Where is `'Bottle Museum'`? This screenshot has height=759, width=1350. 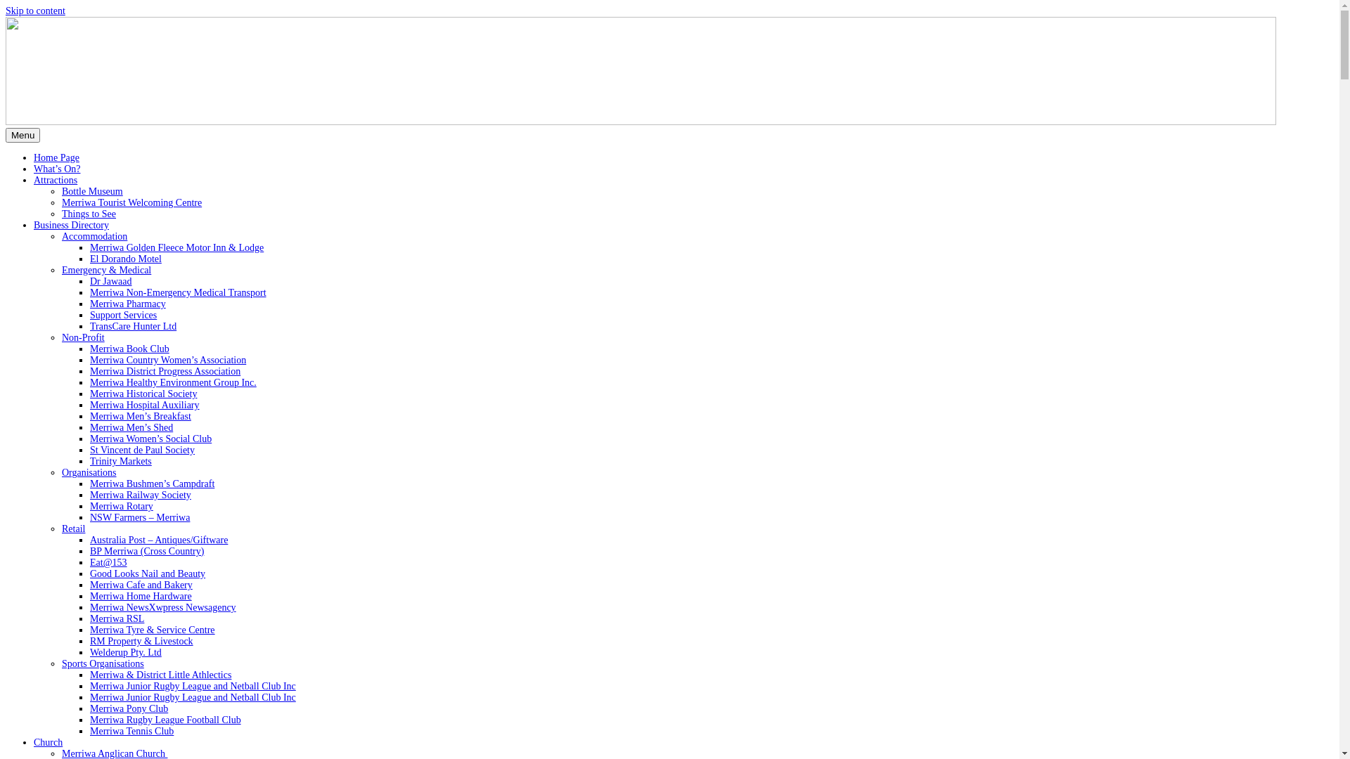 'Bottle Museum' is located at coordinates (91, 191).